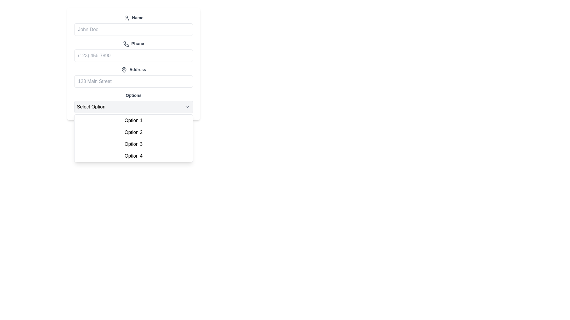 This screenshot has width=570, height=320. Describe the element at coordinates (133, 155) in the screenshot. I see `the dropdown option labeled 'Option 4'` at that location.